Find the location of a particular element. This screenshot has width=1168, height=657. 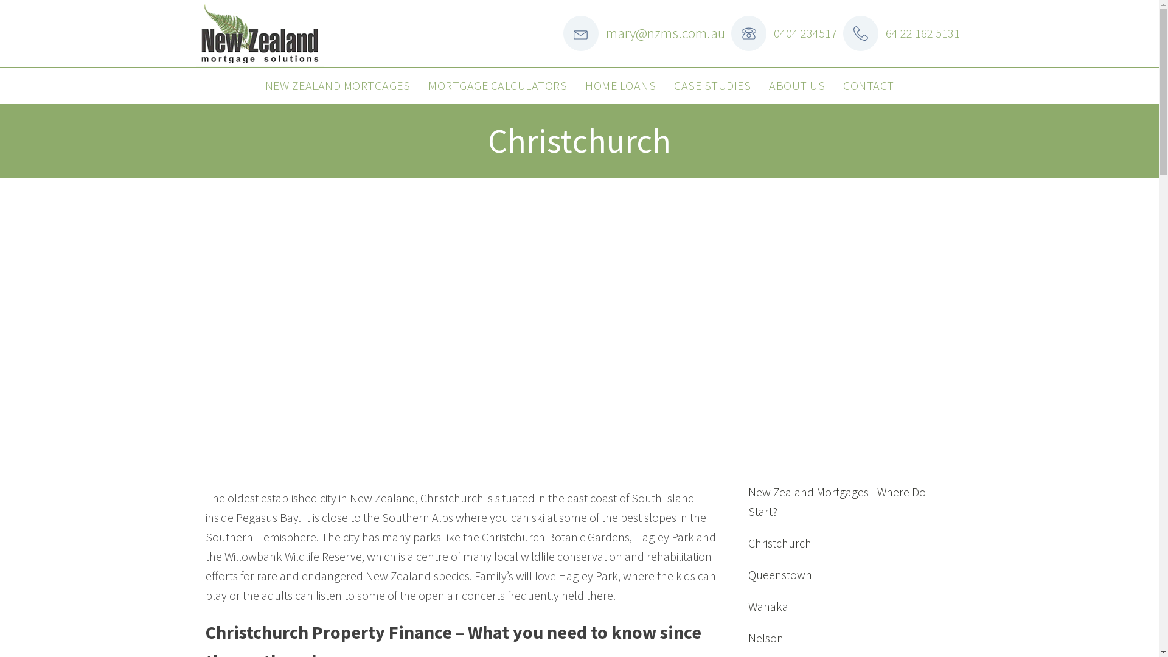

'Queenstown' is located at coordinates (780, 575).